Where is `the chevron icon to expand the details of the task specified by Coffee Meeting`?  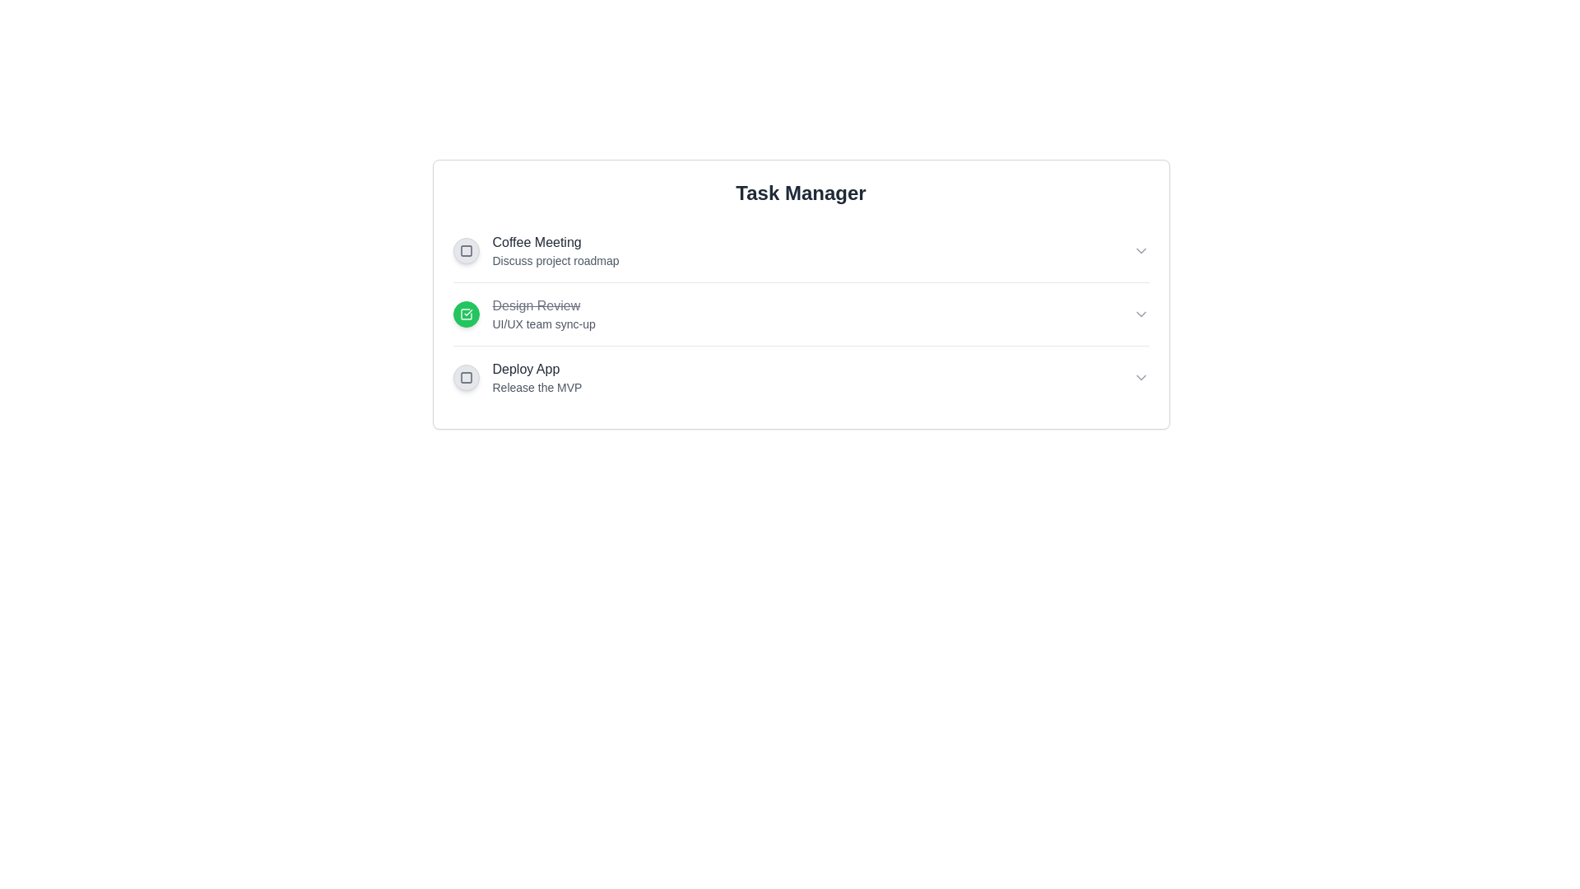
the chevron icon to expand the details of the task specified by Coffee Meeting is located at coordinates (1140, 250).